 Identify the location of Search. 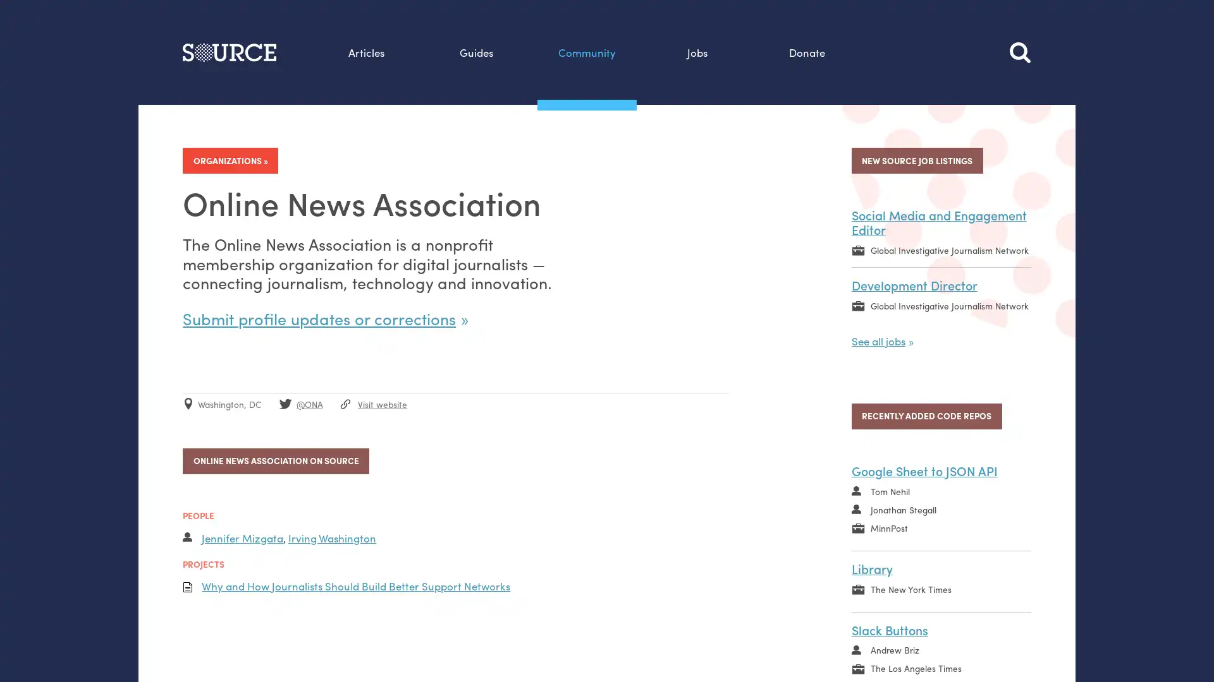
(1019, 164).